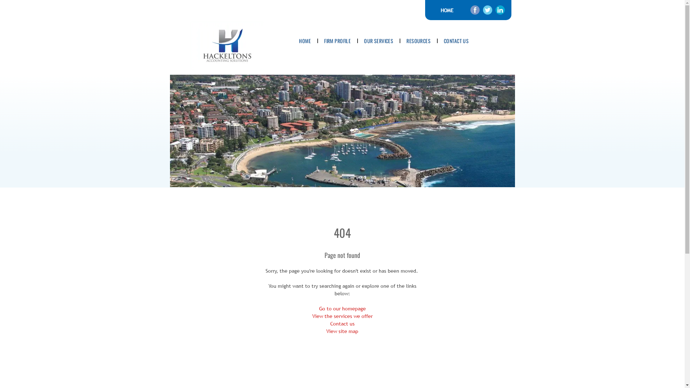 The width and height of the screenshot is (690, 388). I want to click on 'Go to our homepage', so click(342, 308).